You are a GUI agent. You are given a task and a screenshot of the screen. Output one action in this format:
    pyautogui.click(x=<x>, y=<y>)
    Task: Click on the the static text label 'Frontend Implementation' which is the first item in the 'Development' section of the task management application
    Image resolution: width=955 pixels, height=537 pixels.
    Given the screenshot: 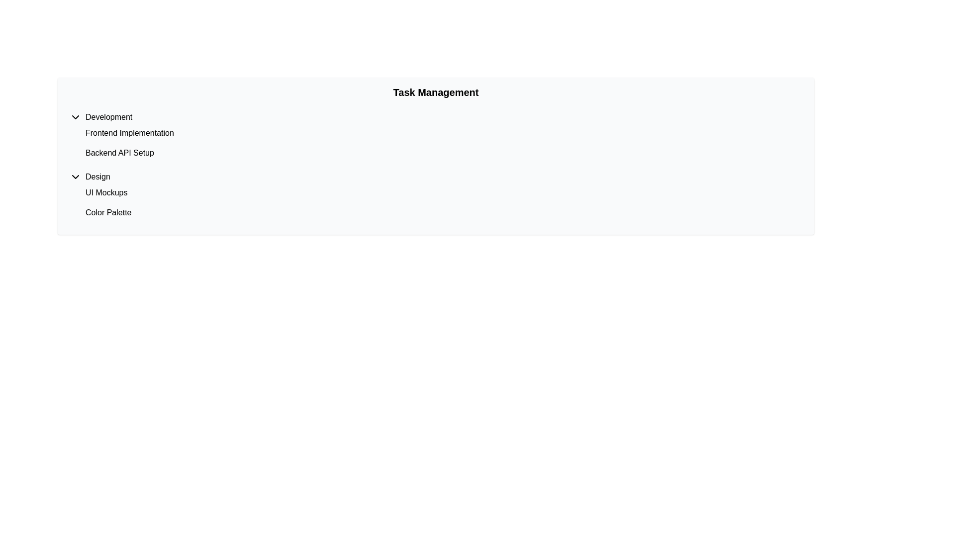 What is the action you would take?
    pyautogui.click(x=129, y=132)
    